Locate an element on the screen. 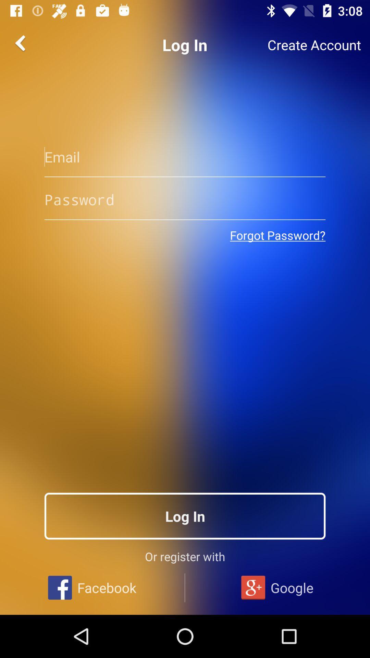  icon on the right is located at coordinates (277, 235).